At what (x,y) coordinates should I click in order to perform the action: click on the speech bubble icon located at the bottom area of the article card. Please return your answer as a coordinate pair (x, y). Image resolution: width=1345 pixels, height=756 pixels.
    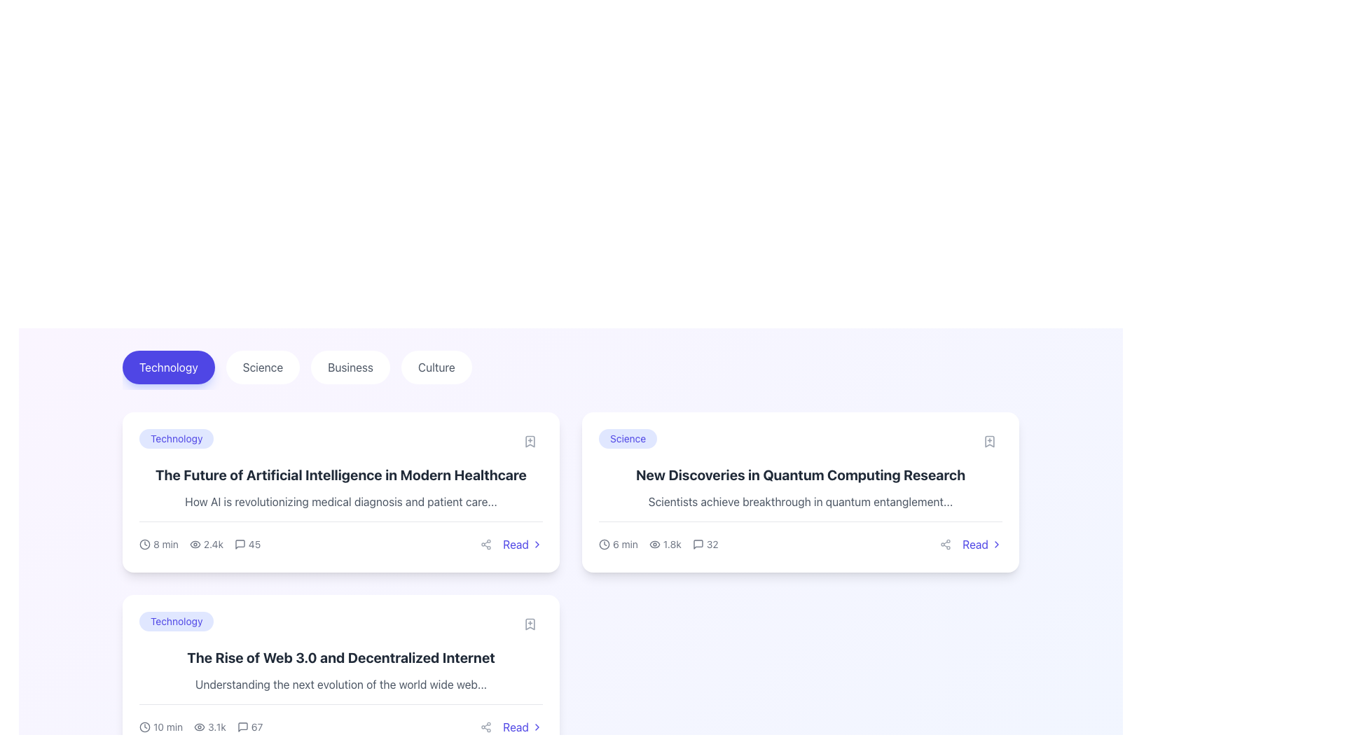
    Looking at the image, I should click on (240, 544).